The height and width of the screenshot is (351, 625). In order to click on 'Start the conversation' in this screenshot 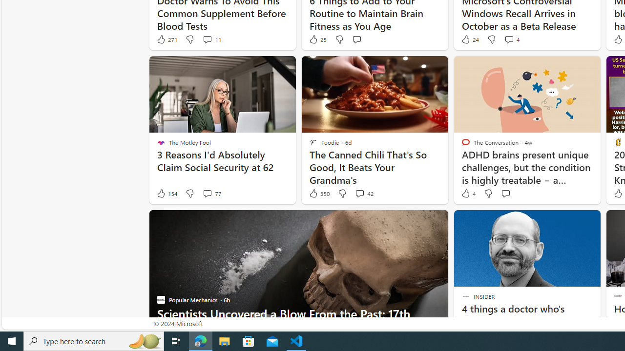, I will do `click(505, 194)`.